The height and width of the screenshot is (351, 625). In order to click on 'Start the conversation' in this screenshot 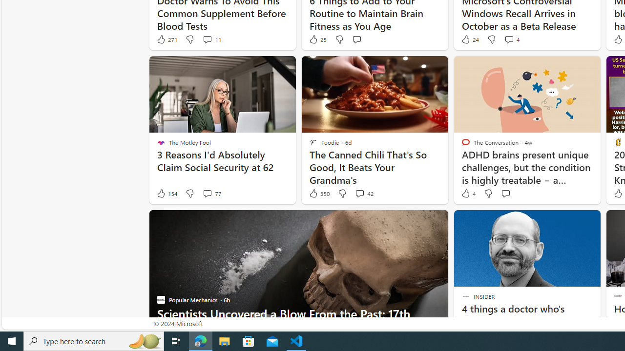, I will do `click(505, 194)`.